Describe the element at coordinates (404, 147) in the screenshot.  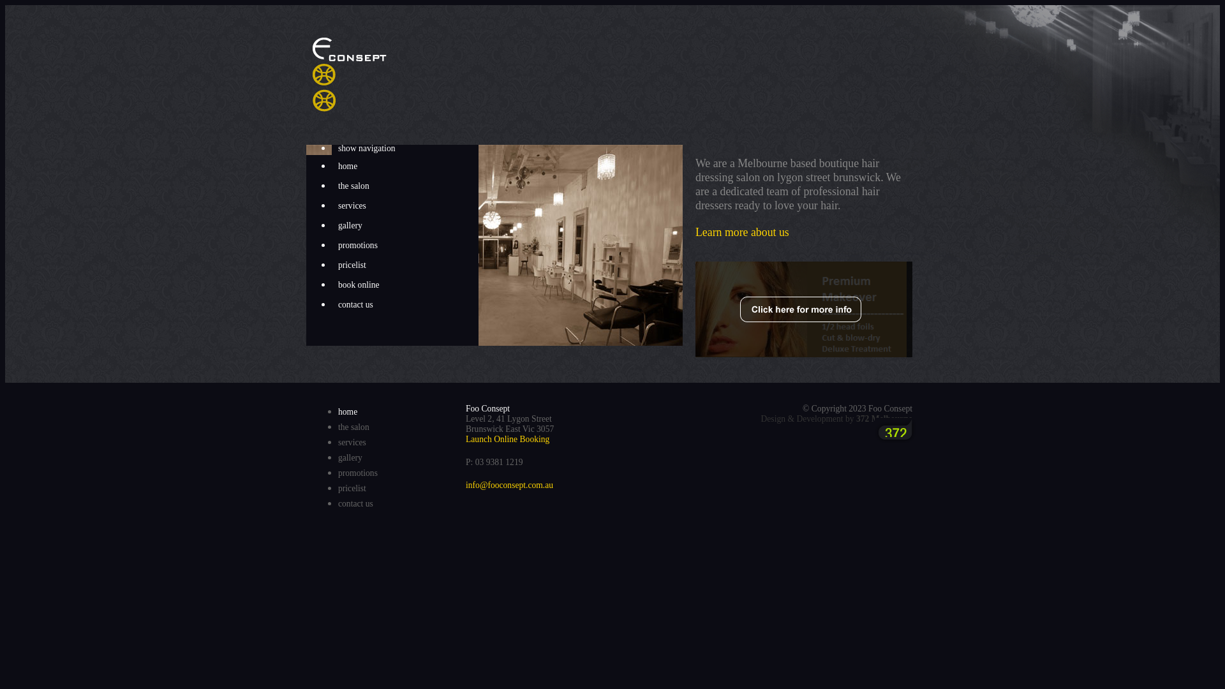
I see `'show navigation'` at that location.